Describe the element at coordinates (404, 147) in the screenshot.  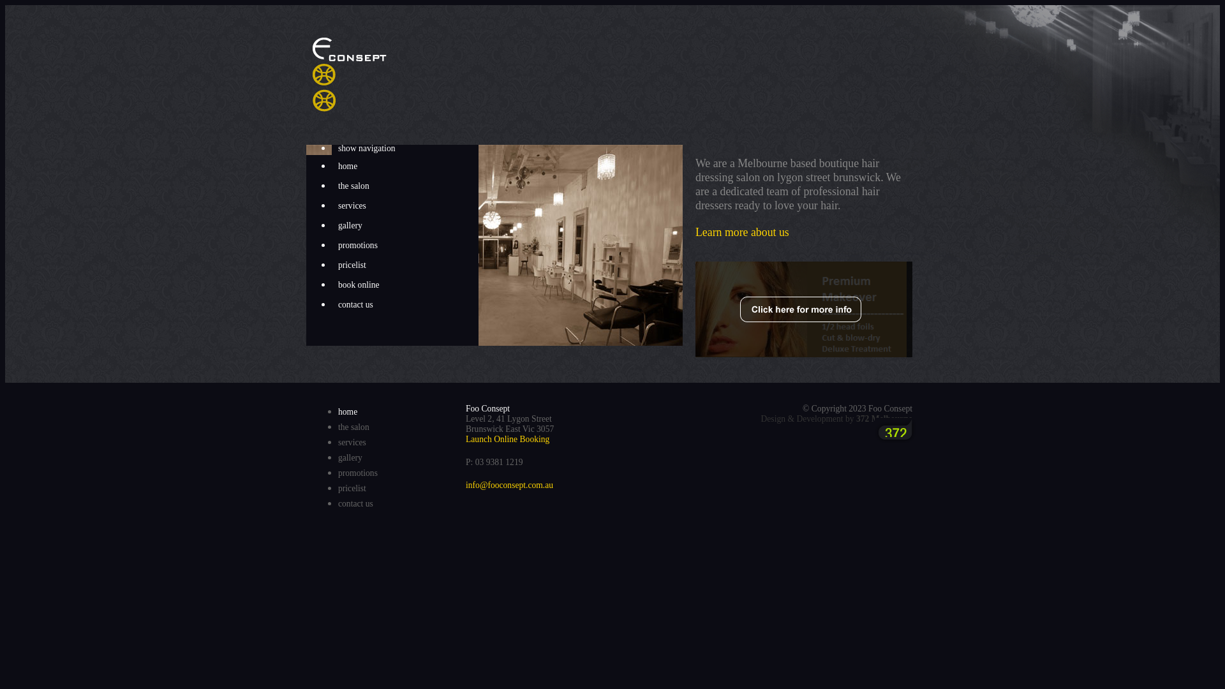
I see `'show navigation'` at that location.